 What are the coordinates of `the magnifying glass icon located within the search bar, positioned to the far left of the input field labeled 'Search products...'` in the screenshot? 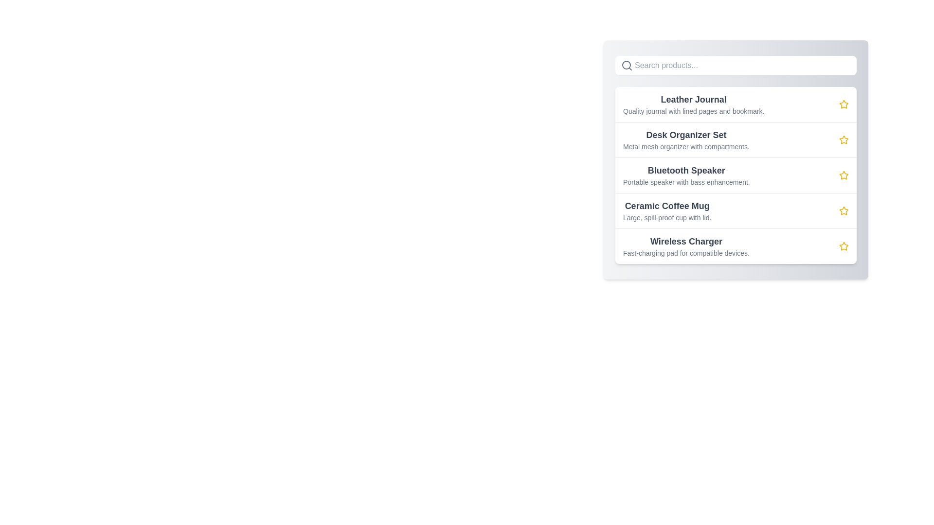 It's located at (627, 66).